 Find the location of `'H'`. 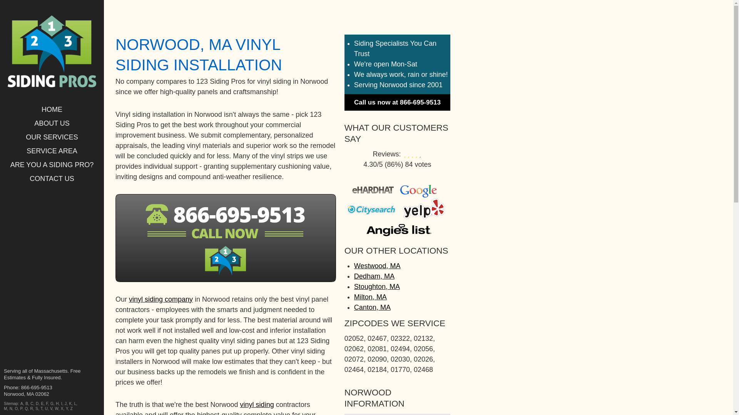

'H' is located at coordinates (55, 403).